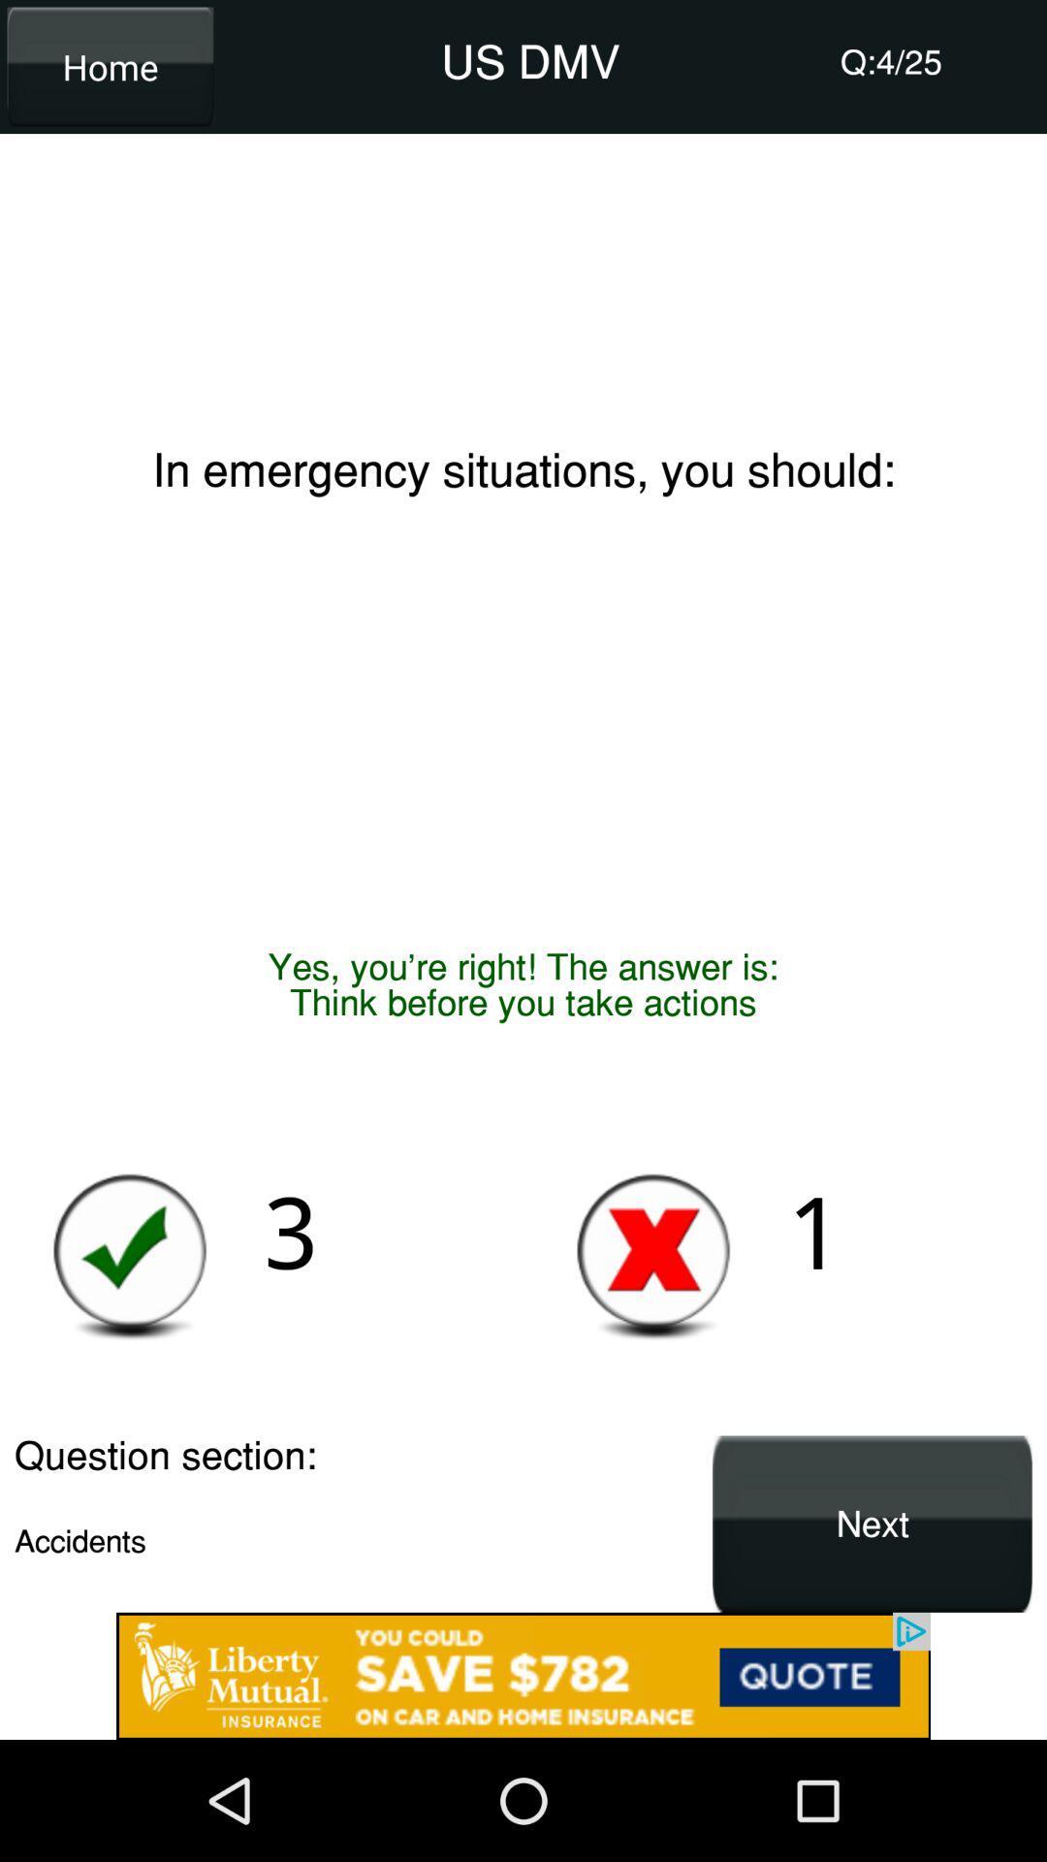 This screenshot has height=1862, width=1047. I want to click on advertisement page, so click(523, 1675).